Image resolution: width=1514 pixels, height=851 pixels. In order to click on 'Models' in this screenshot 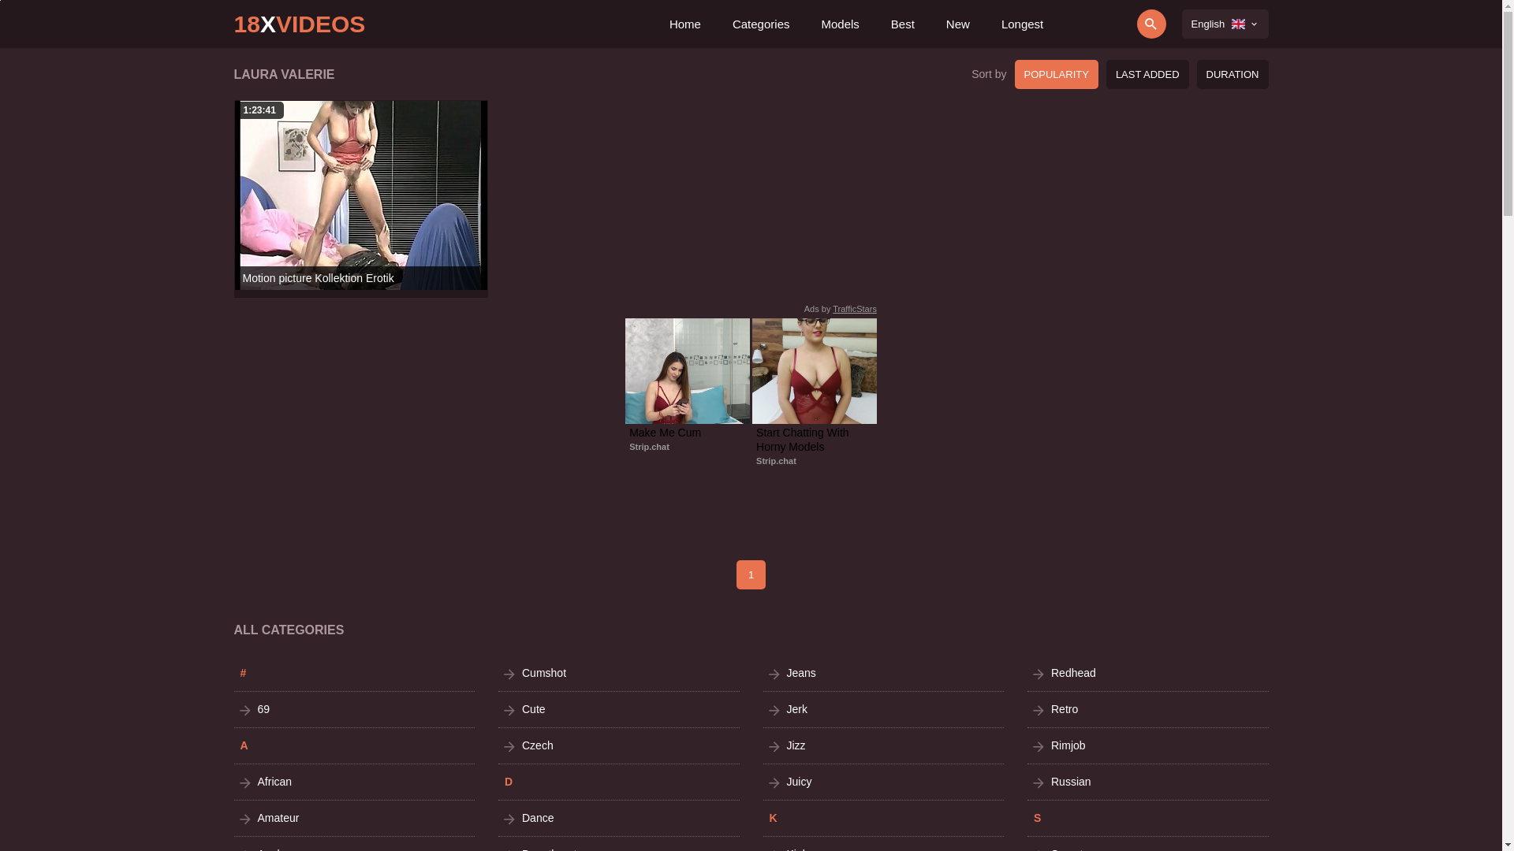, I will do `click(839, 24)`.